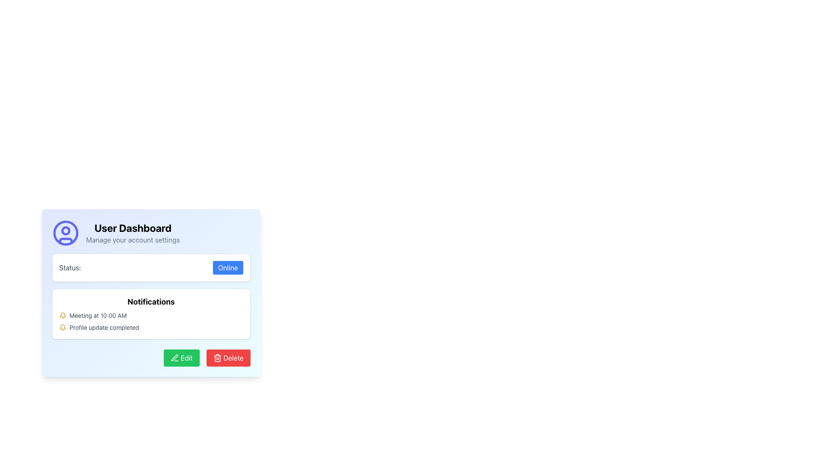 The width and height of the screenshot is (821, 462). What do you see at coordinates (151, 301) in the screenshot?
I see `the text label that serves as the section header for 'Notifications', which defines the content scope of this section` at bounding box center [151, 301].